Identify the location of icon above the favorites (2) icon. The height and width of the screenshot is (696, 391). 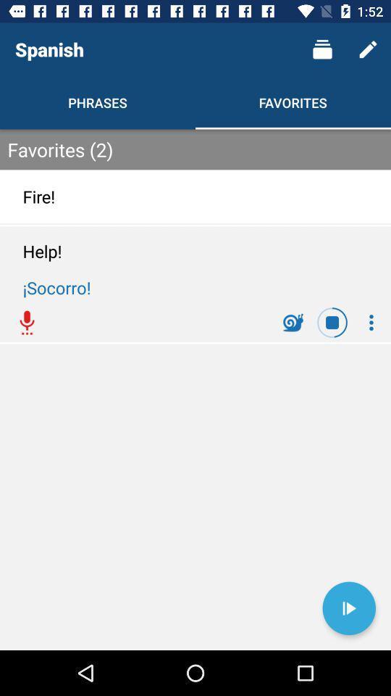
(368, 49).